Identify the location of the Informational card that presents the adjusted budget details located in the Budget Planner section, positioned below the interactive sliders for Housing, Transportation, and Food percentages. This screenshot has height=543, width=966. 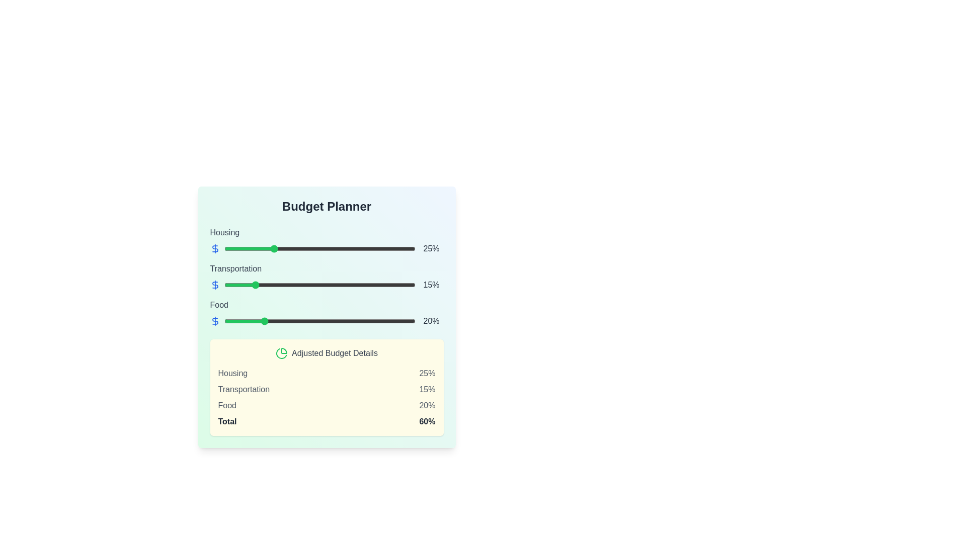
(327, 387).